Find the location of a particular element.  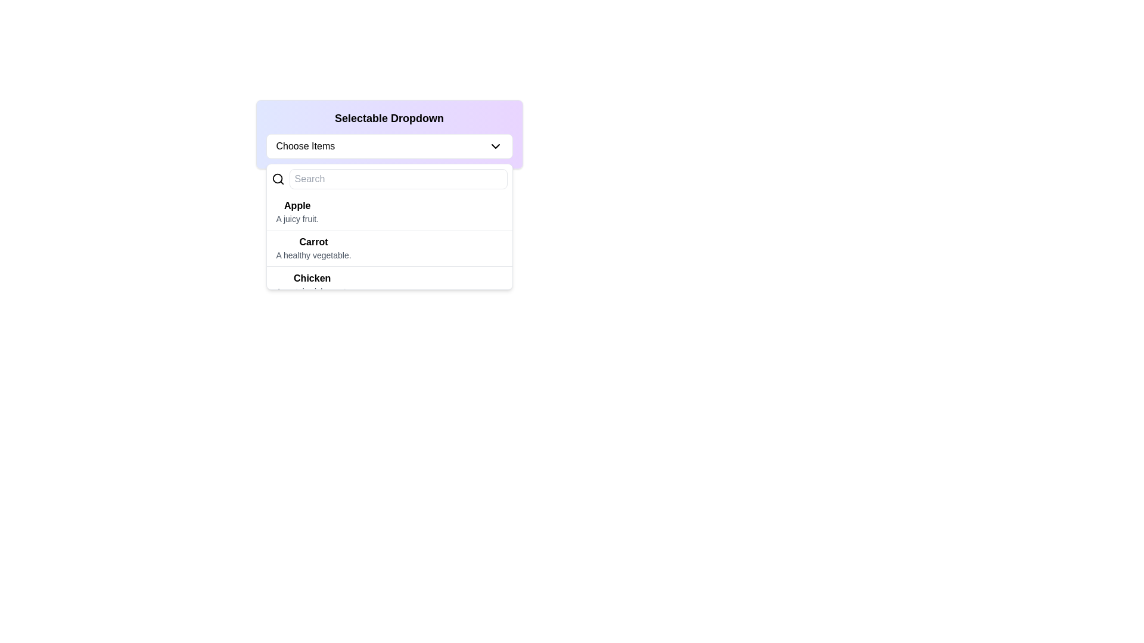

the dropdown list item that features the text 'Chicken' in bold, which is the third item in the dropdown menu is located at coordinates (312, 285).